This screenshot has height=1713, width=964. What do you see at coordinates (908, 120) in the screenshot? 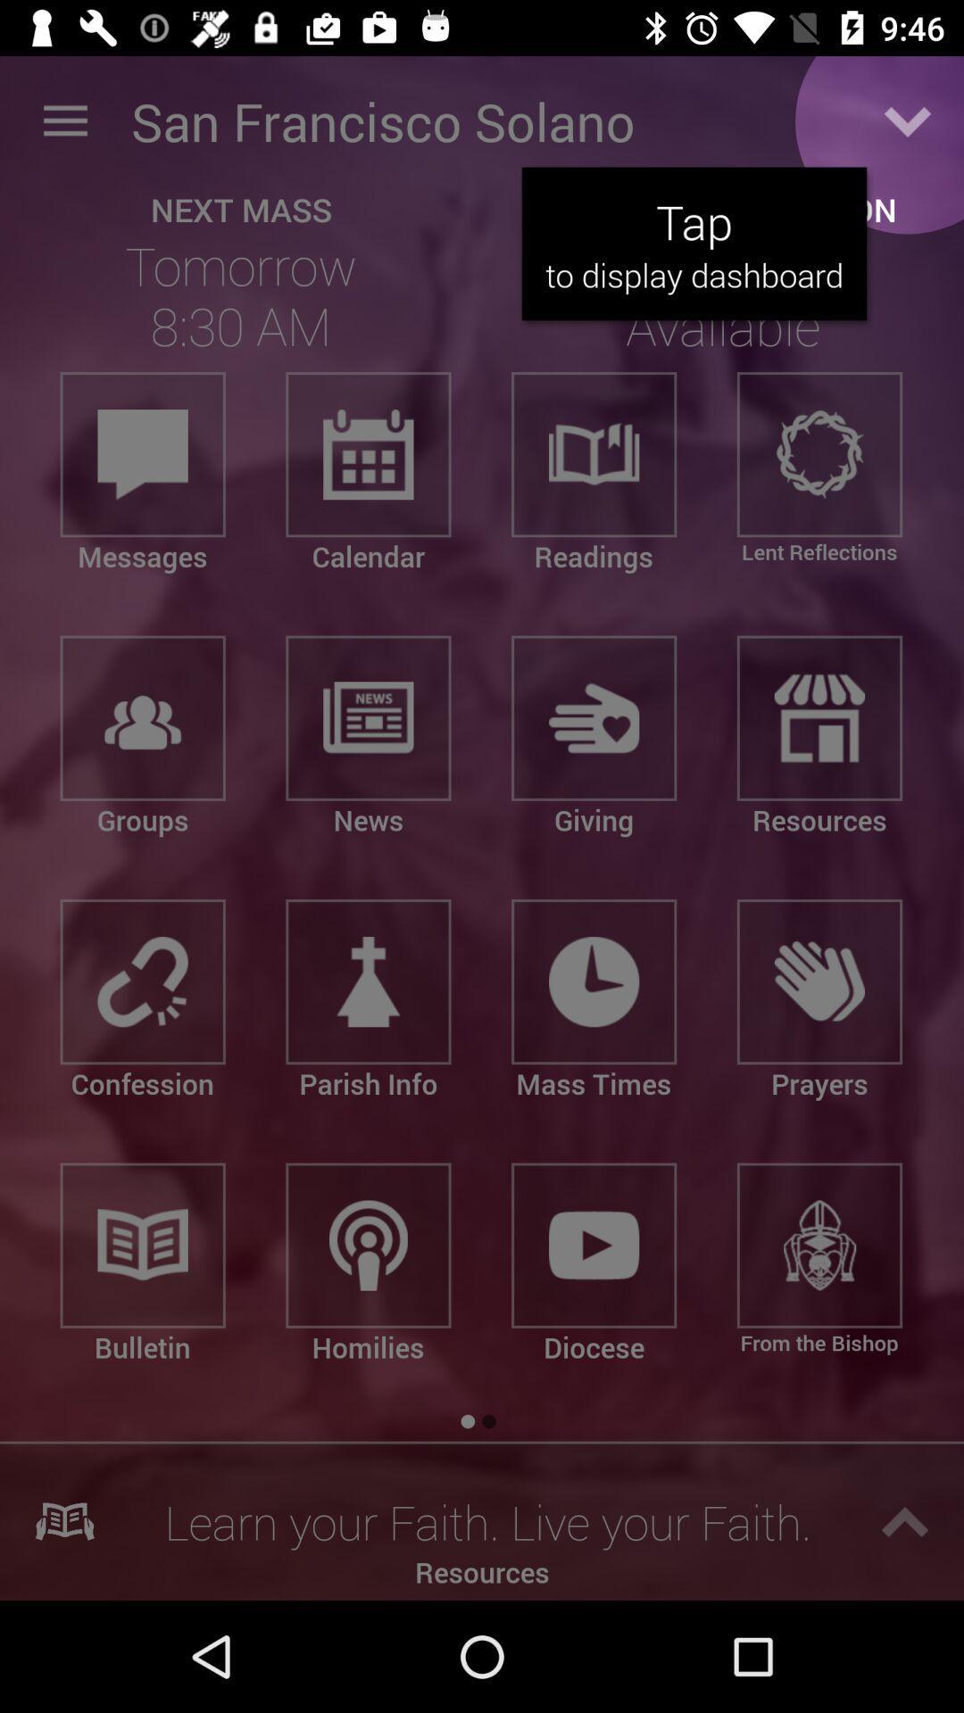
I see `show less options` at bounding box center [908, 120].